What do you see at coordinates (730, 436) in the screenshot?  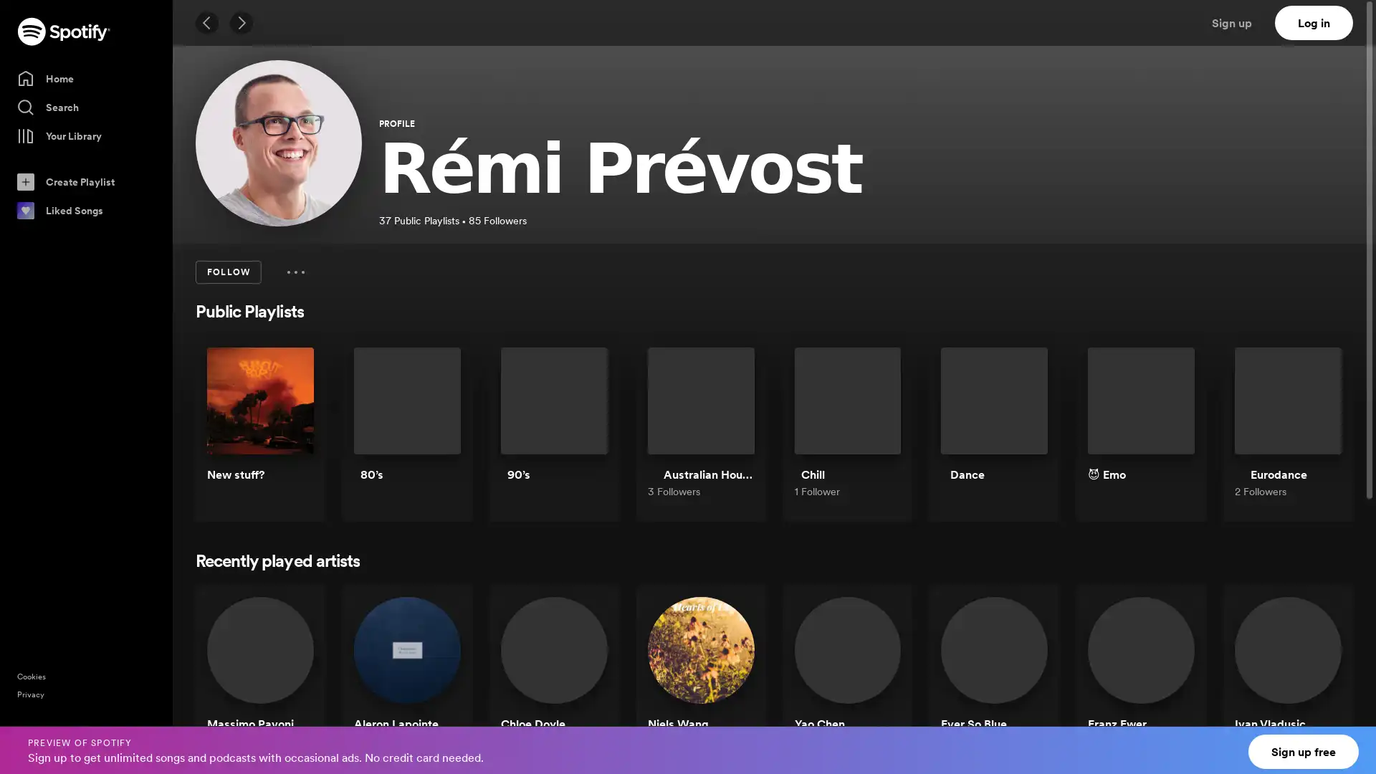 I see `Play  Australian House` at bounding box center [730, 436].